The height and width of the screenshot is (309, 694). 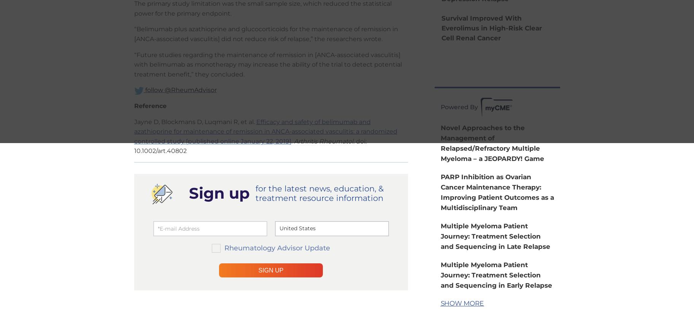 I want to click on 'The primary study limitation was the small sample size, which reduced the statistical power for the primary endpoint.', so click(x=262, y=8).